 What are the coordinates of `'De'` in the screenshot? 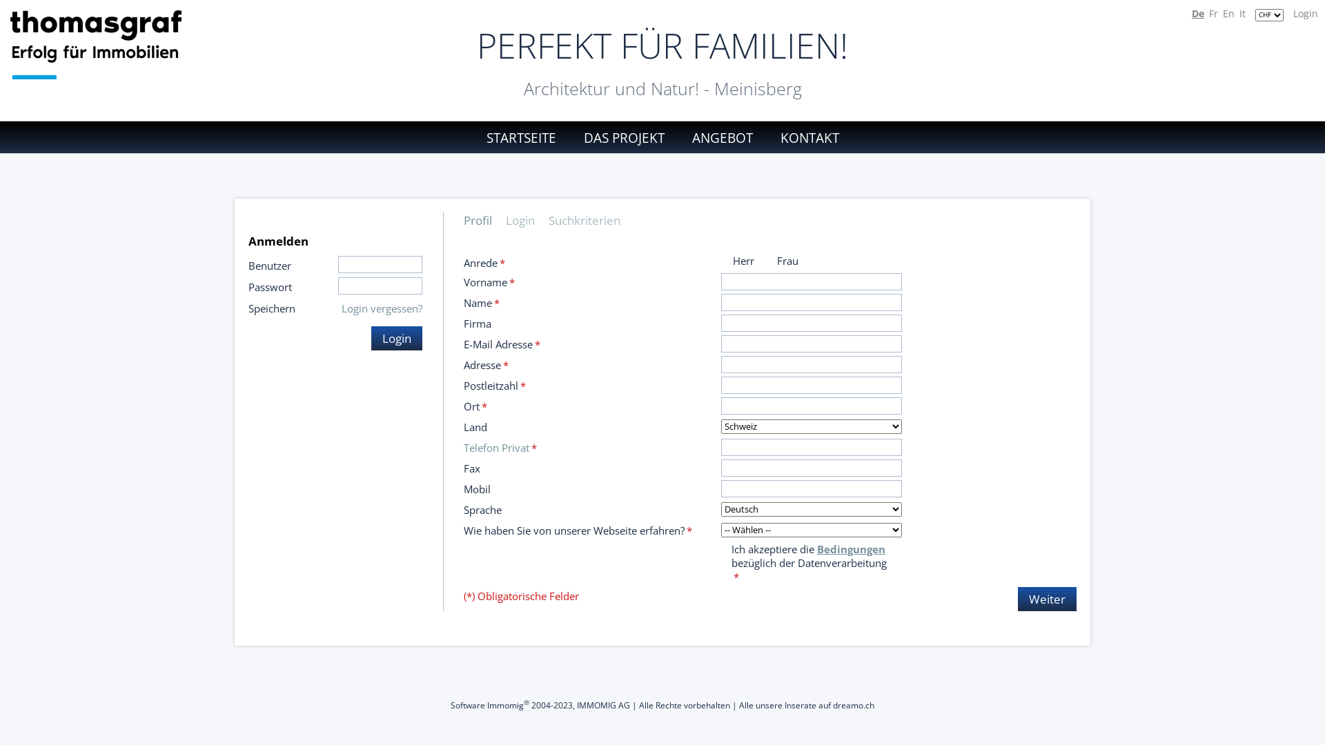 It's located at (1197, 13).